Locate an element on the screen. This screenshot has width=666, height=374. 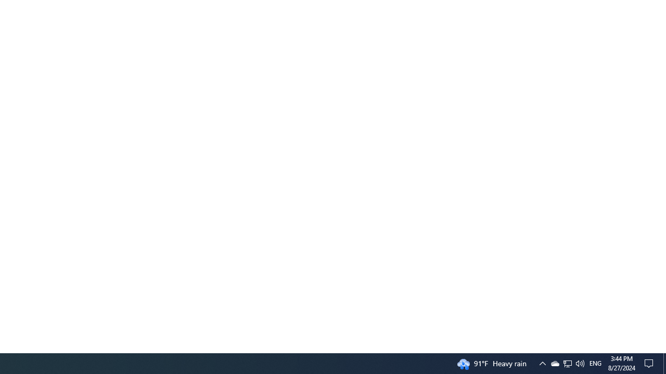
'Tray Input Indicator - English (United States)' is located at coordinates (595, 363).